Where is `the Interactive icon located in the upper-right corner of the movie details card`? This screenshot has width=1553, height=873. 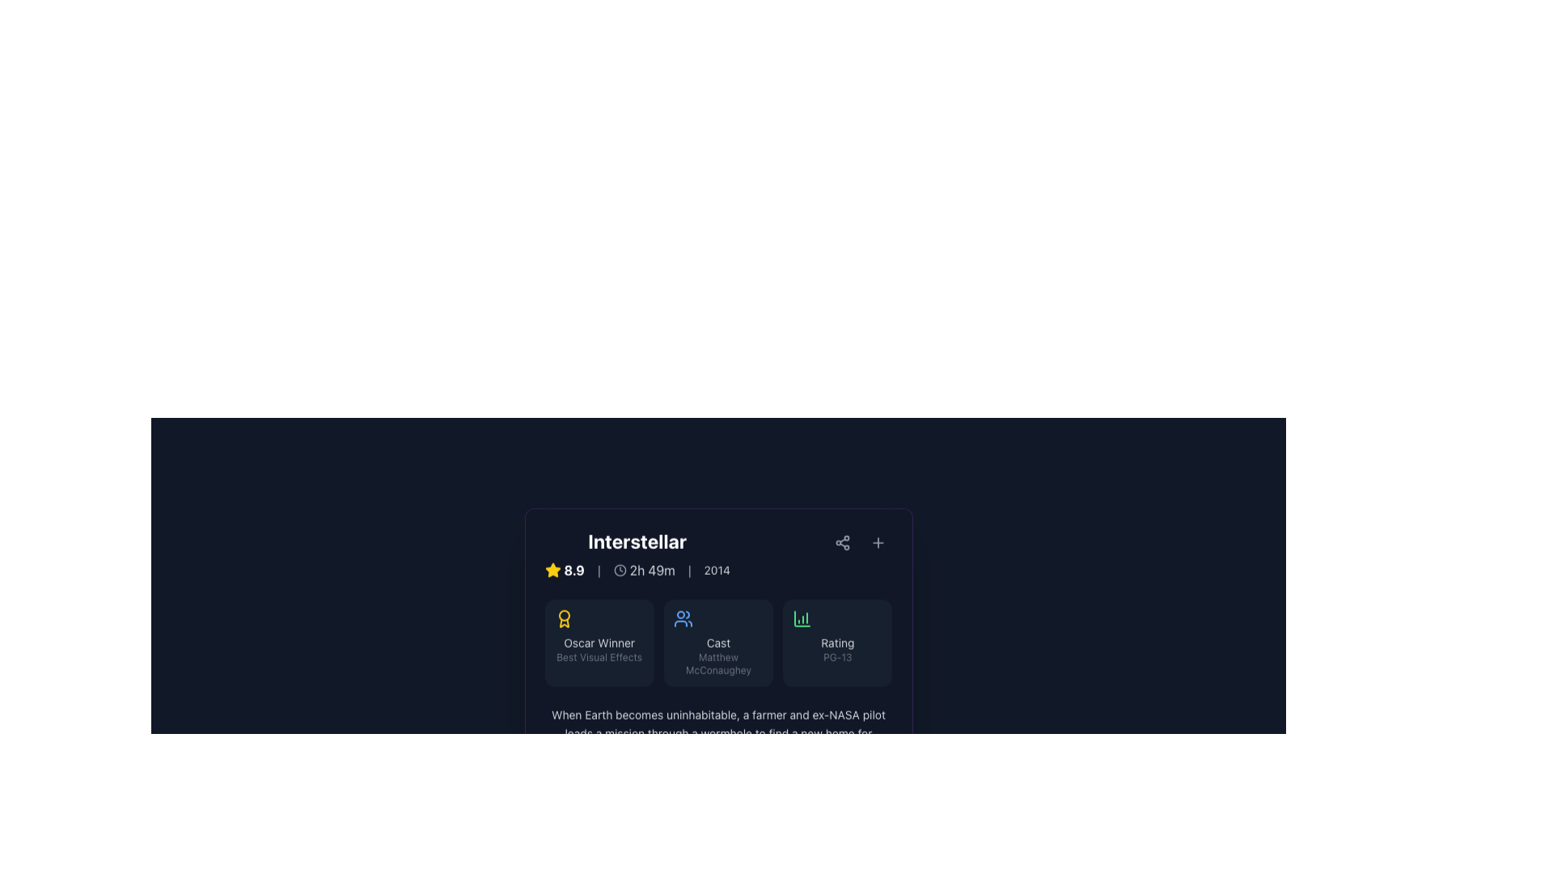 the Interactive icon located in the upper-right corner of the movie details card is located at coordinates (841, 542).